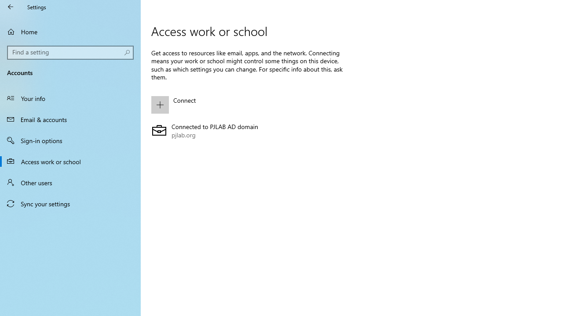 Image resolution: width=563 pixels, height=316 pixels. I want to click on 'Back', so click(11, 7).